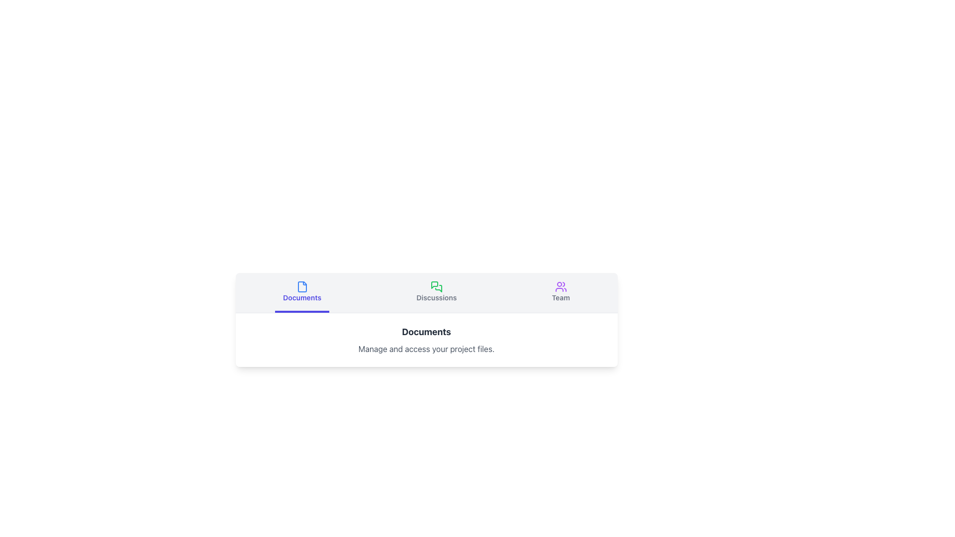  Describe the element at coordinates (426, 292) in the screenshot. I see `the navigation bar to switch to the corresponding section (Documents, Discussions, Team) within the application` at that location.